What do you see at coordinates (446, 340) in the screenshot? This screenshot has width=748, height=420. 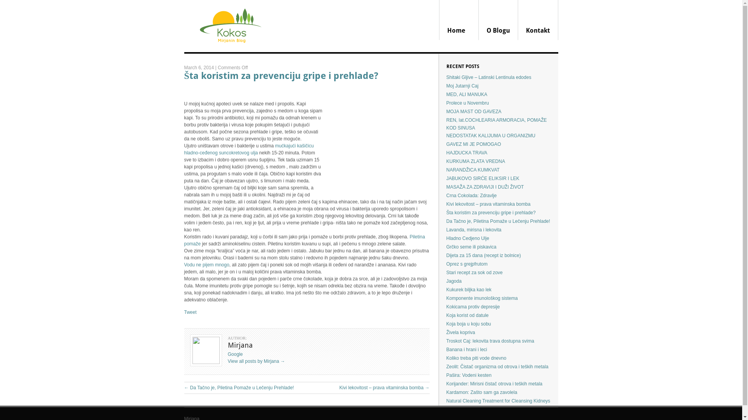 I see `'Troskot Caj: lekovita trava dostupna svima'` at bounding box center [446, 340].